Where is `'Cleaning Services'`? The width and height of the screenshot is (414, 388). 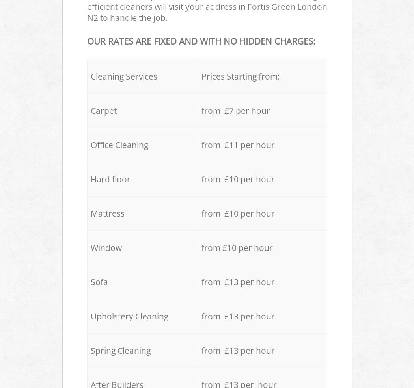
'Cleaning Services' is located at coordinates (123, 76).